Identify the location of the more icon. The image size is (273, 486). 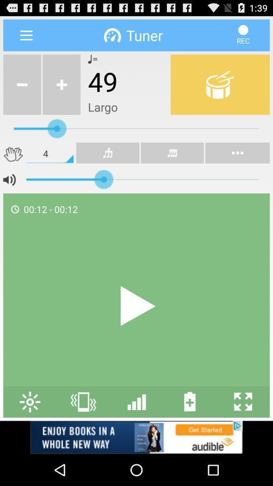
(171, 164).